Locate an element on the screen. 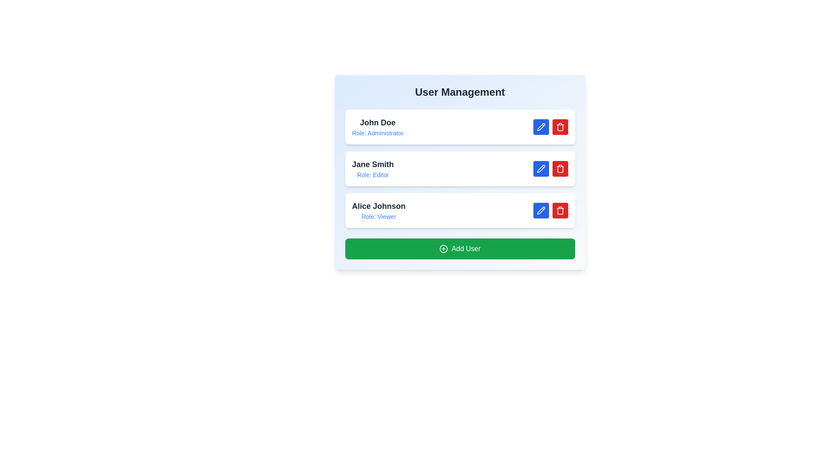  blue pencil button for the user Alice Johnson to edit their role is located at coordinates (540, 210).